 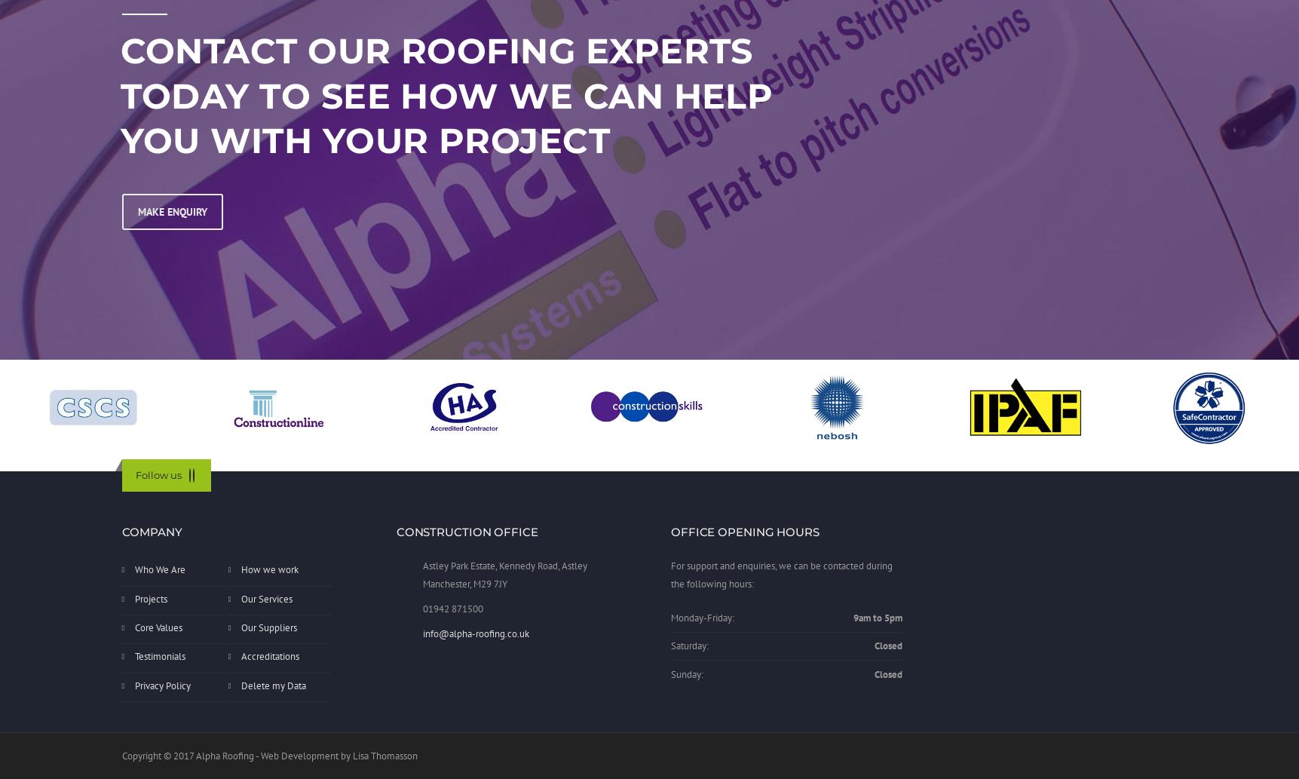 I want to click on '01942 871500', so click(x=451, y=608).